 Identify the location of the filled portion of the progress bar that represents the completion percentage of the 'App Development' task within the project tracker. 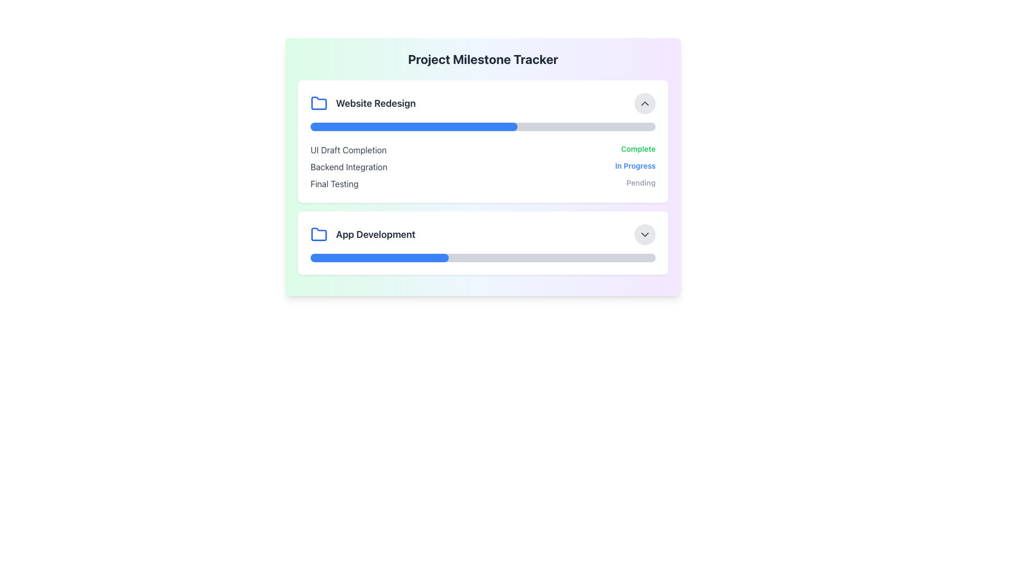
(379, 258).